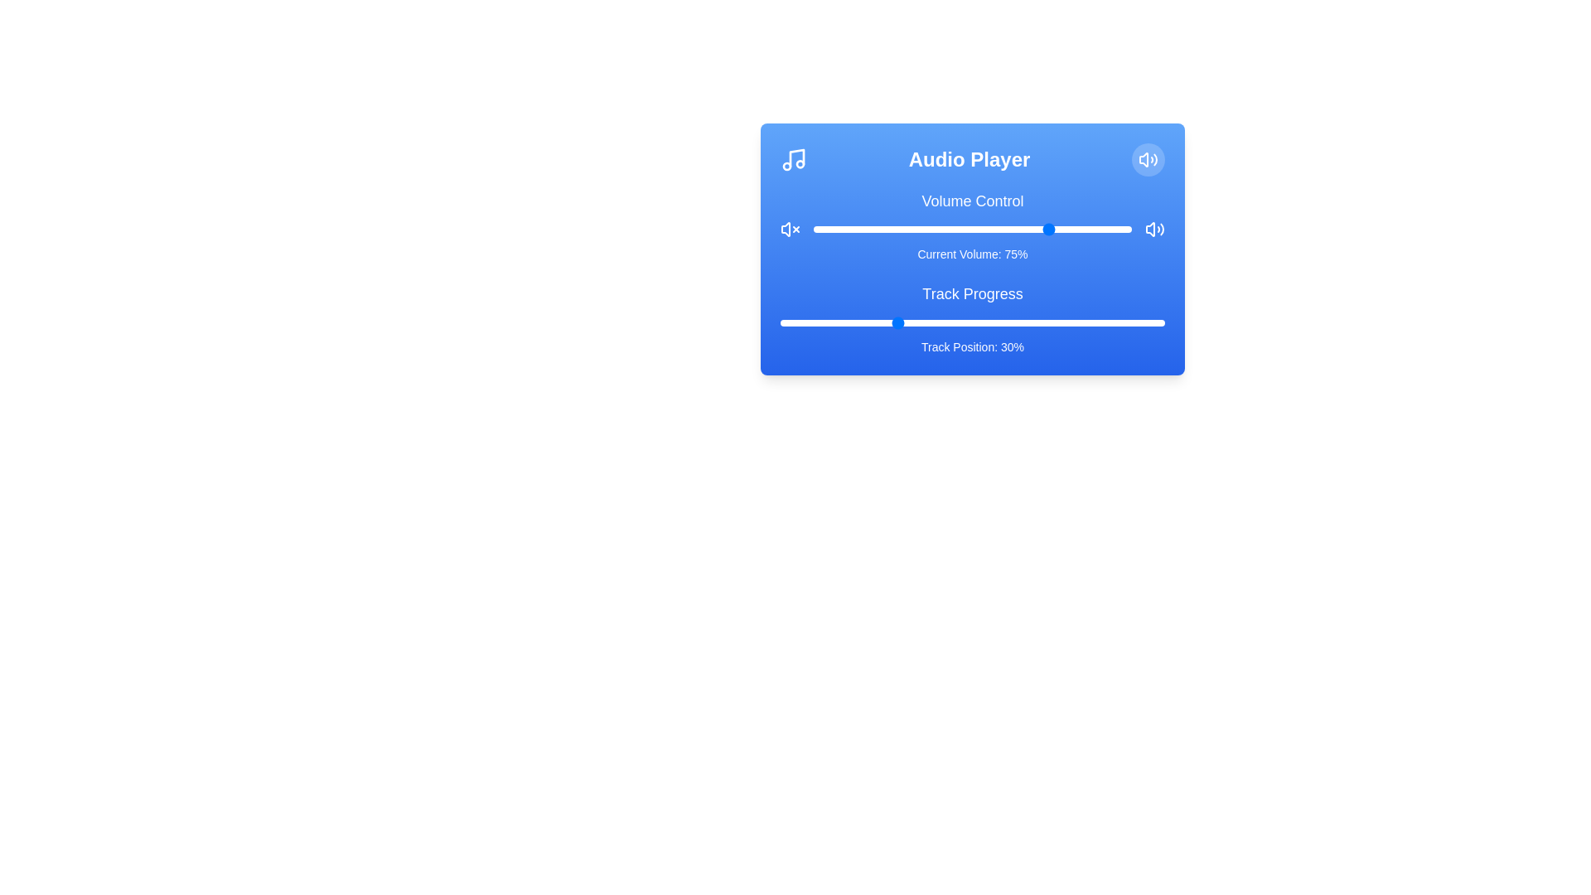 The height and width of the screenshot is (895, 1591). What do you see at coordinates (886, 230) in the screenshot?
I see `volume` at bounding box center [886, 230].